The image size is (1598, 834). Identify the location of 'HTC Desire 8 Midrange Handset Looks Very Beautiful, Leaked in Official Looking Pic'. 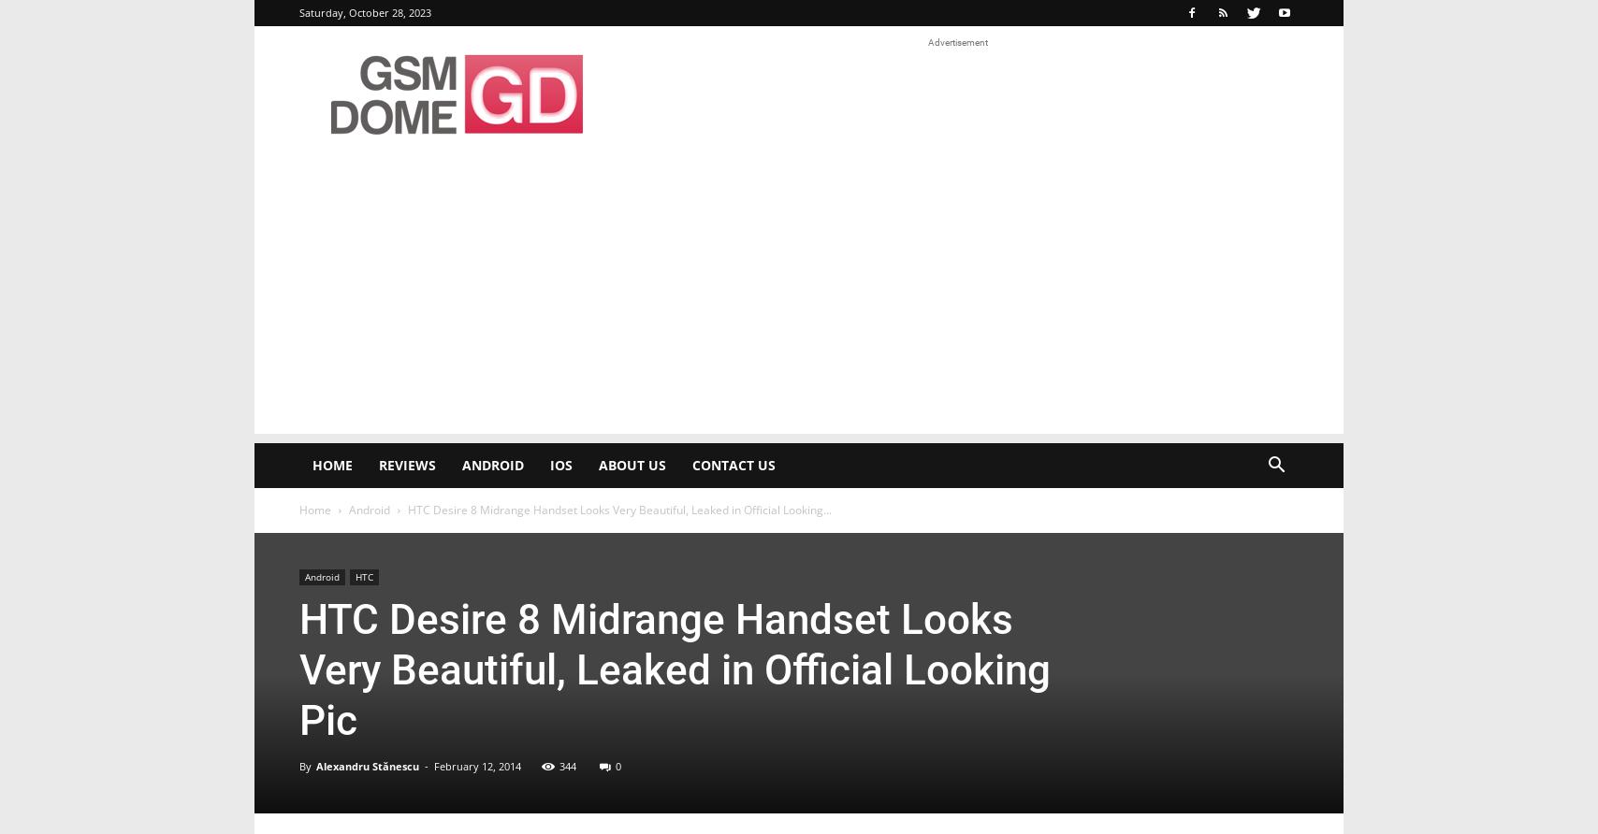
(675, 669).